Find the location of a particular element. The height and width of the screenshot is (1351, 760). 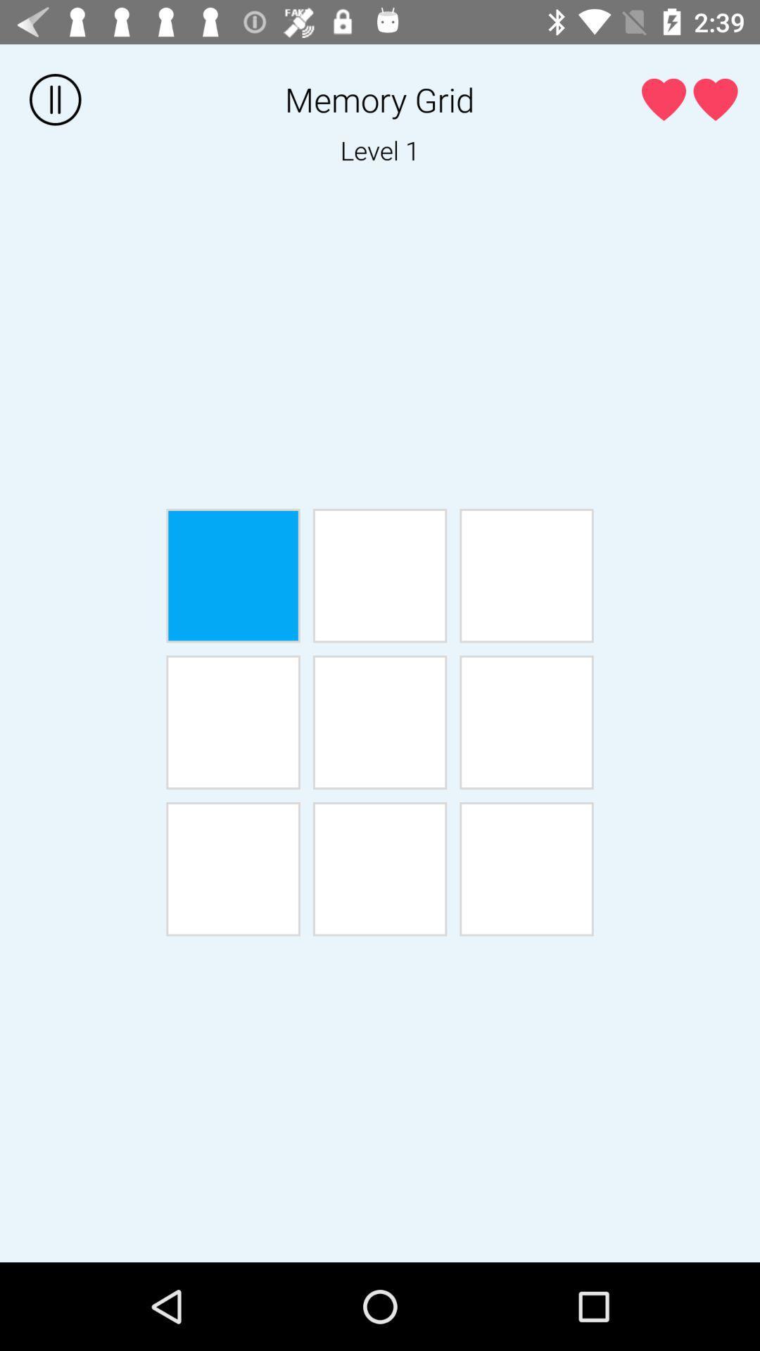

box is located at coordinates (380, 576).